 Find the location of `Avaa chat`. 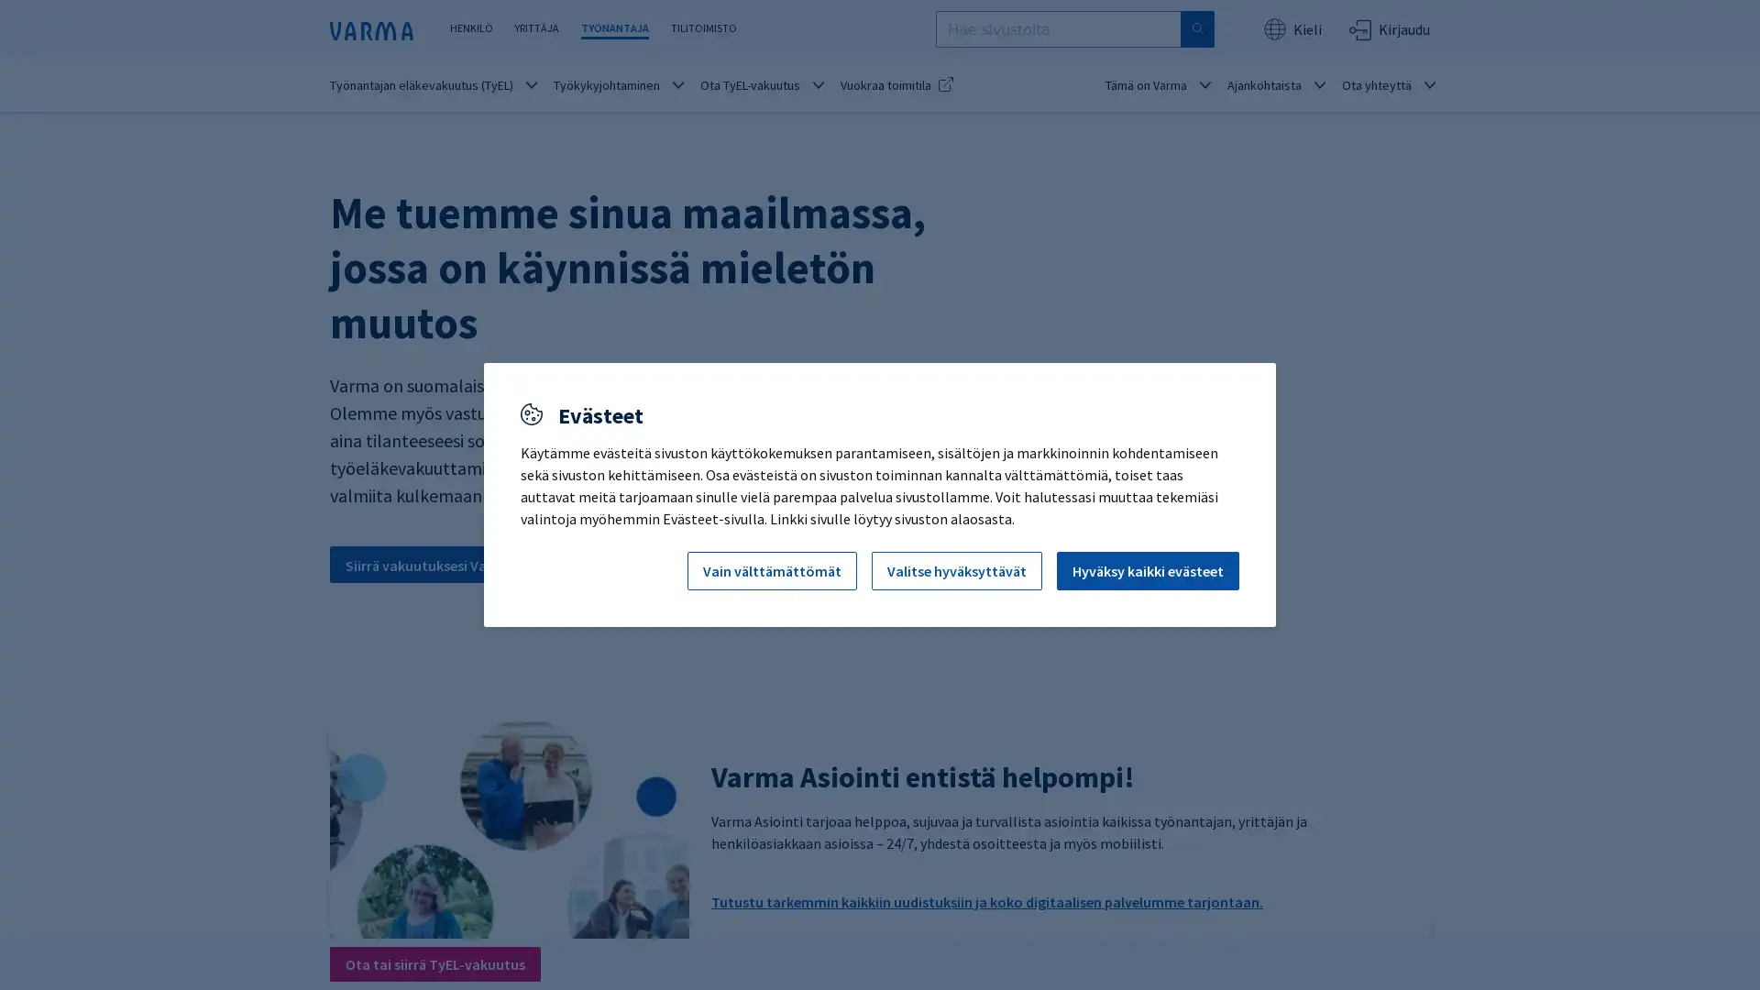

Avaa chat is located at coordinates (1722, 952).